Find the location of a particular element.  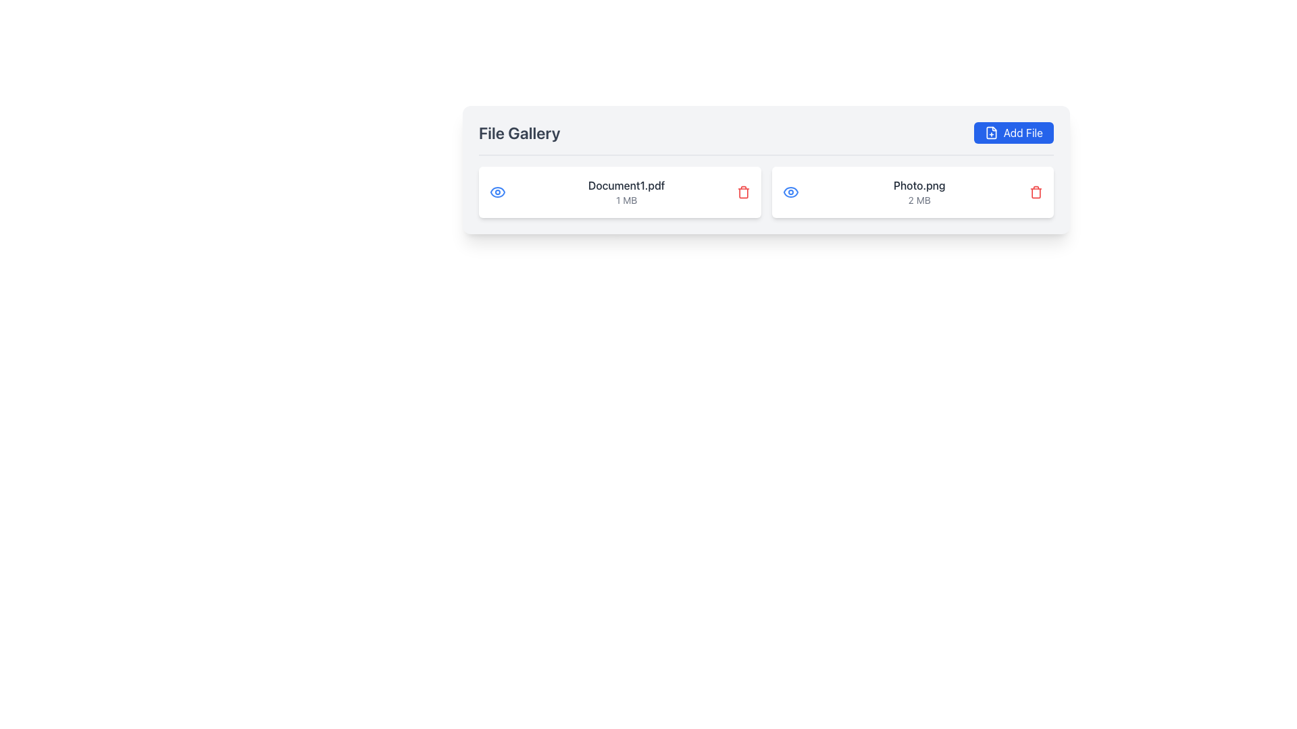

the red trash can icon is located at coordinates (1036, 192).